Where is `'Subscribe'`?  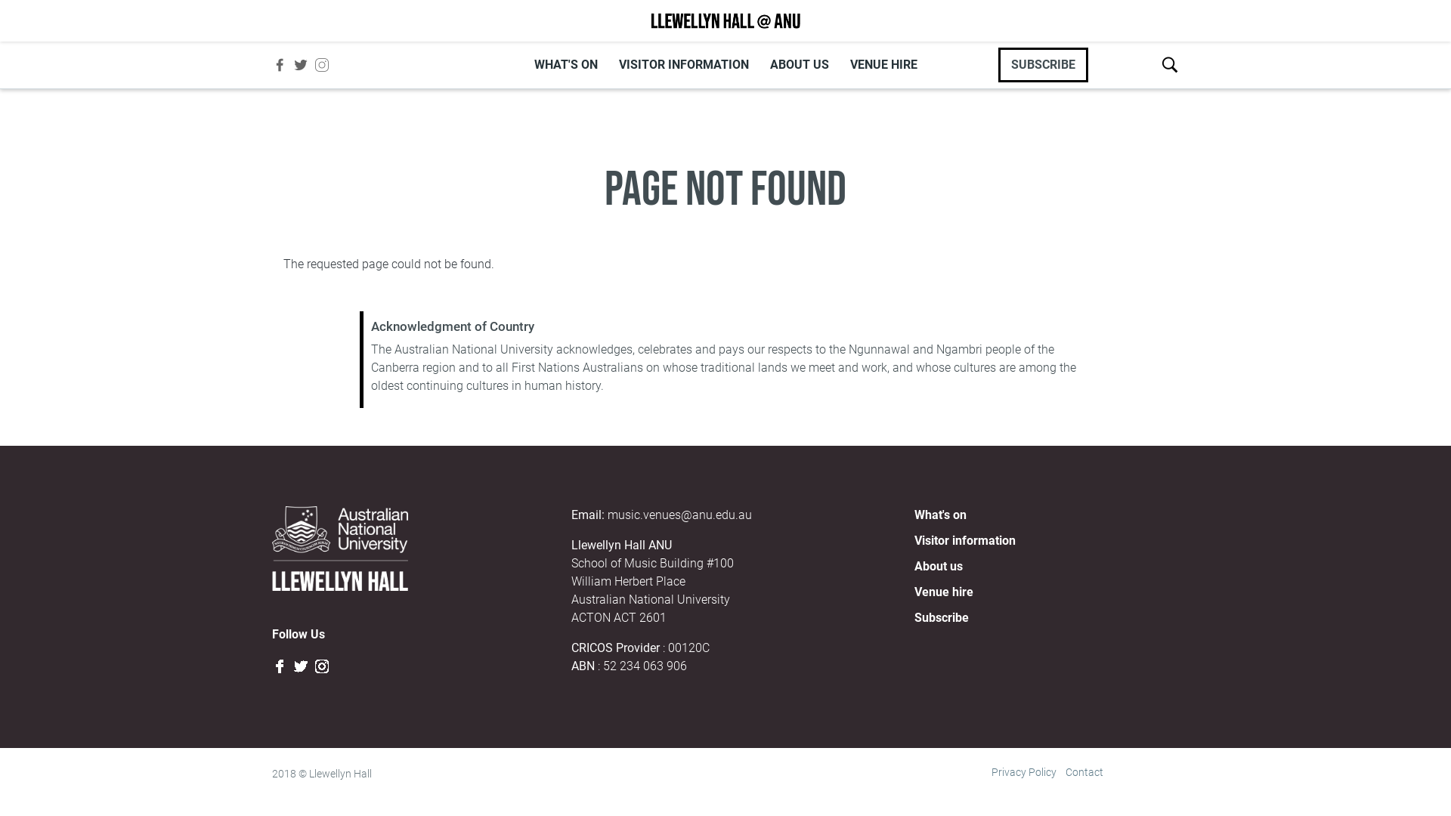
'Subscribe' is located at coordinates (941, 617).